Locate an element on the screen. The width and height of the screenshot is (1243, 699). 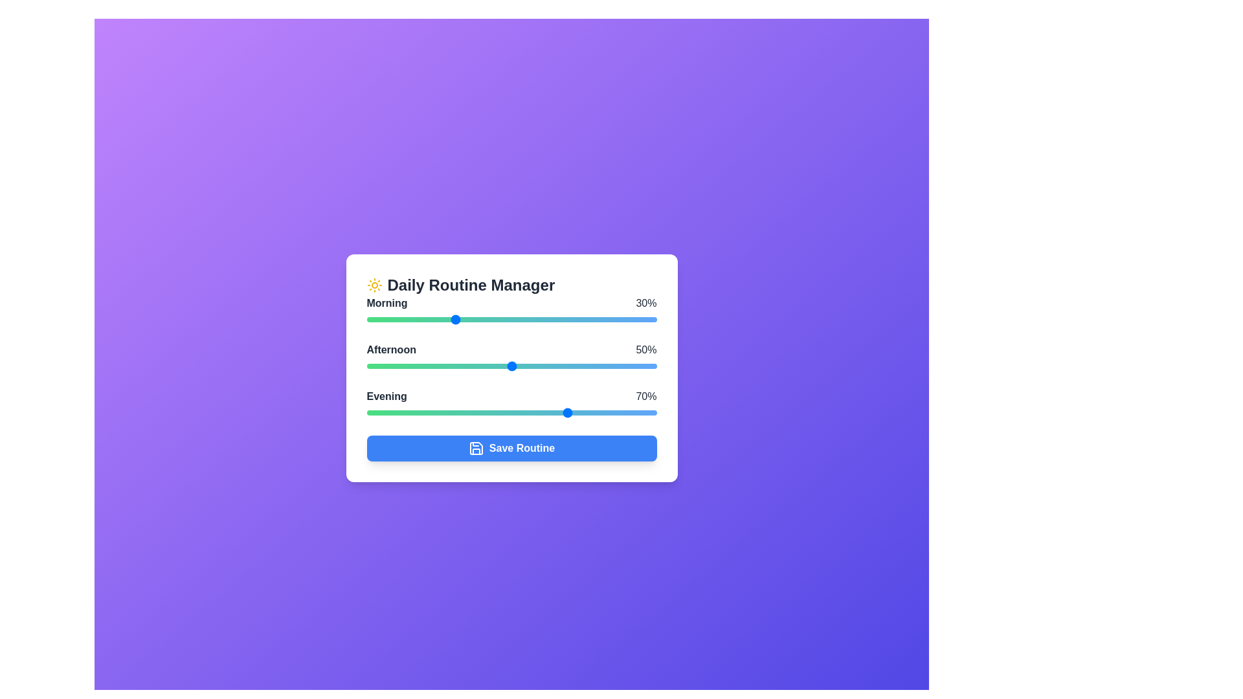
the Afternoon task slider to 16% is located at coordinates (412, 366).